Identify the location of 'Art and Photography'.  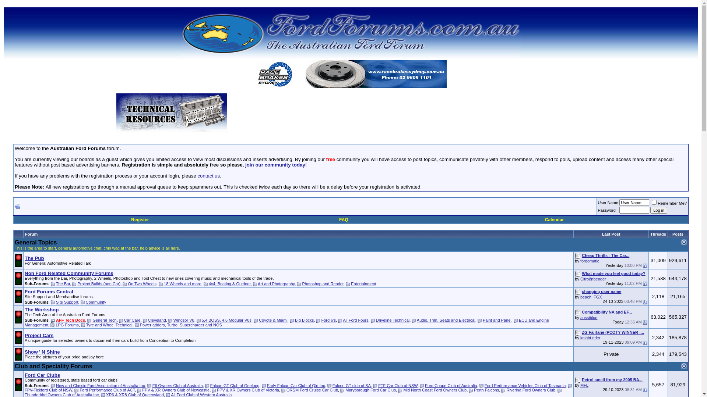
(275, 283).